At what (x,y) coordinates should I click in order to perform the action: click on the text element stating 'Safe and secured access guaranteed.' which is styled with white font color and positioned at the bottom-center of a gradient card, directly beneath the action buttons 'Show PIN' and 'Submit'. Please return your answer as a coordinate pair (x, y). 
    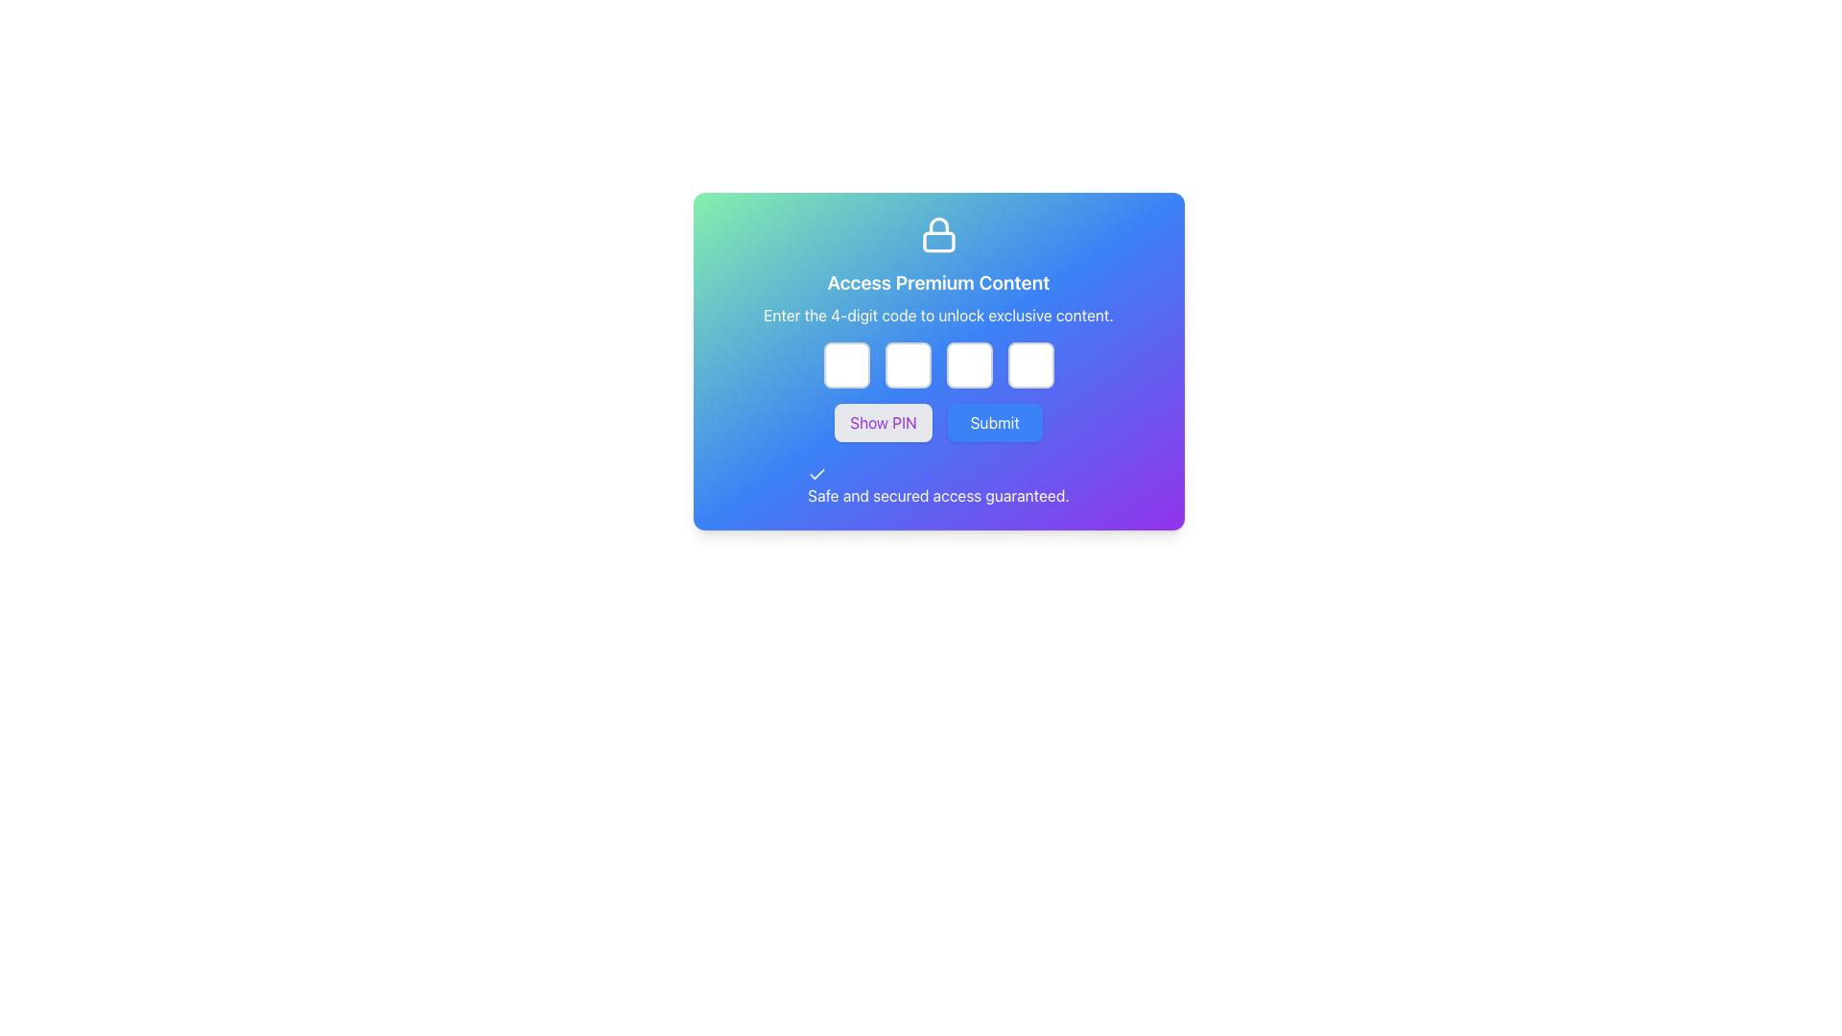
    Looking at the image, I should click on (938, 494).